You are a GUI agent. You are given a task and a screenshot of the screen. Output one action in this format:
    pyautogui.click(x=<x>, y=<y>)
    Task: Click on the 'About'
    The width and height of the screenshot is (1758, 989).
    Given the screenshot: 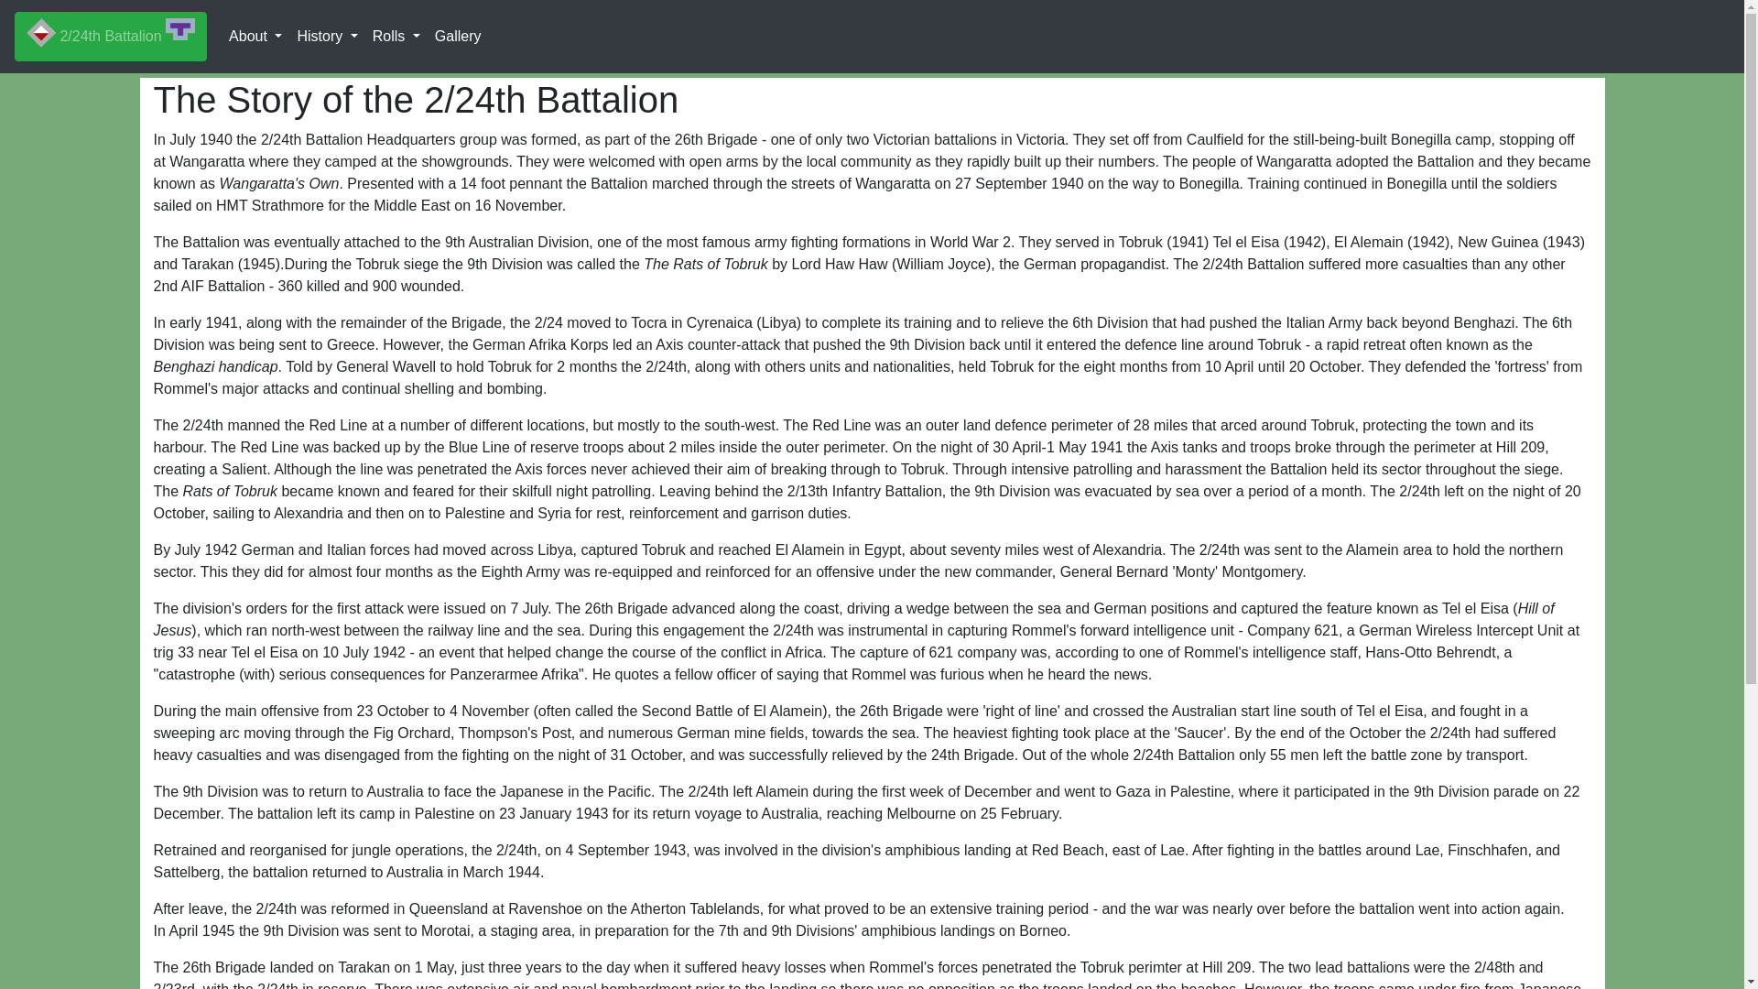 What is the action you would take?
    pyautogui.click(x=254, y=36)
    